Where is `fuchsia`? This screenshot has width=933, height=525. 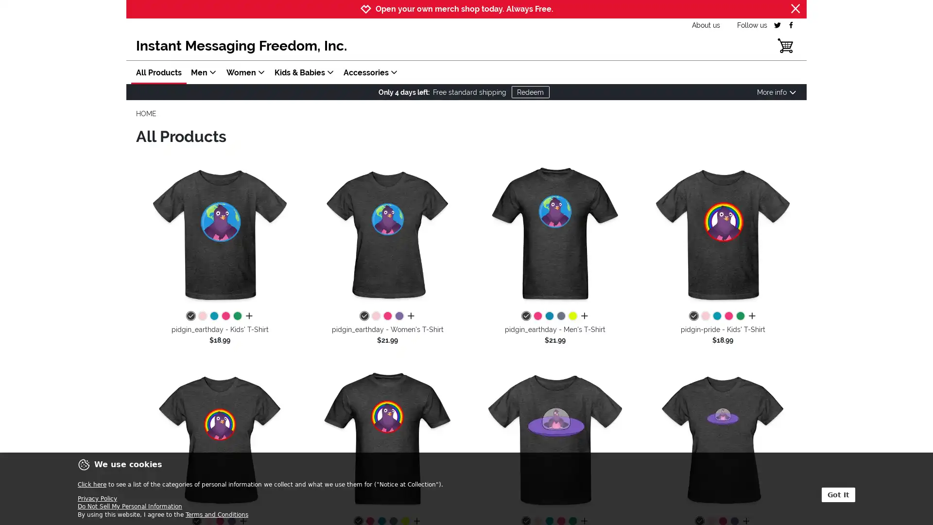 fuchsia is located at coordinates (225, 316).